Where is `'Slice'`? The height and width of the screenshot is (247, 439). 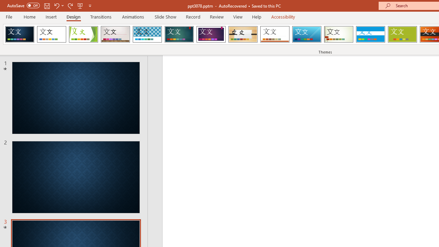 'Slice' is located at coordinates (306, 34).